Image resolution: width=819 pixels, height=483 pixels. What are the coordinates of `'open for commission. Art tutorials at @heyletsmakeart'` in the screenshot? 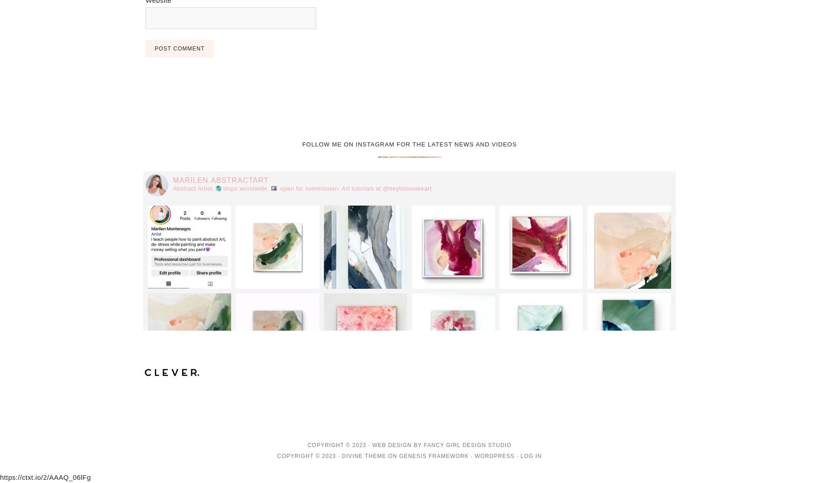 It's located at (354, 188).